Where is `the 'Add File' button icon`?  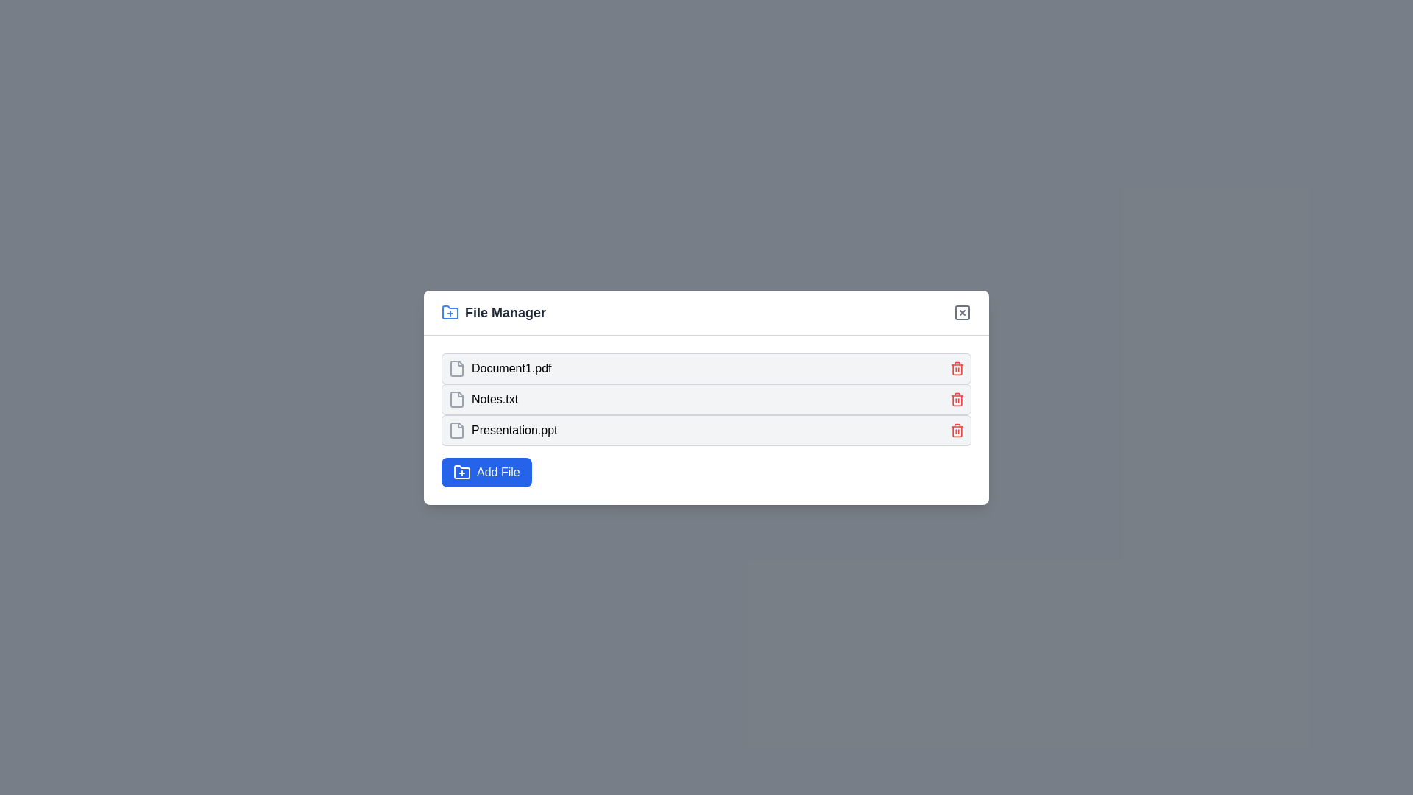
the 'Add File' button icon is located at coordinates (461, 471).